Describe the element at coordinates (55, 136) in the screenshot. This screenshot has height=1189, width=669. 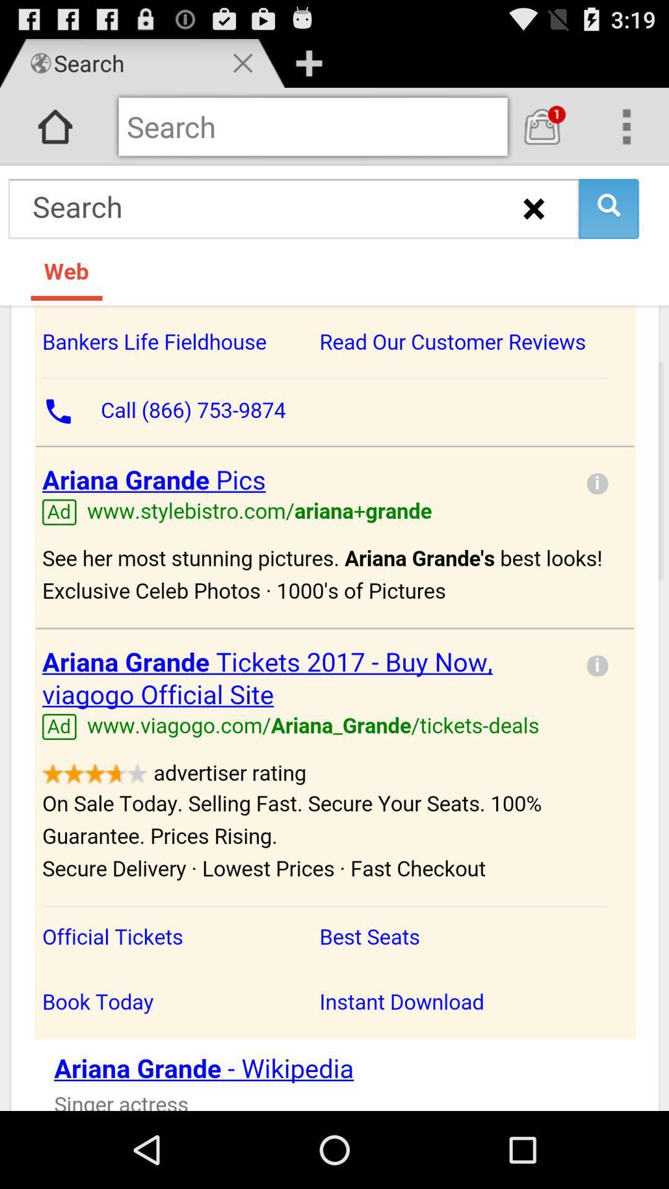
I see `the home icon` at that location.